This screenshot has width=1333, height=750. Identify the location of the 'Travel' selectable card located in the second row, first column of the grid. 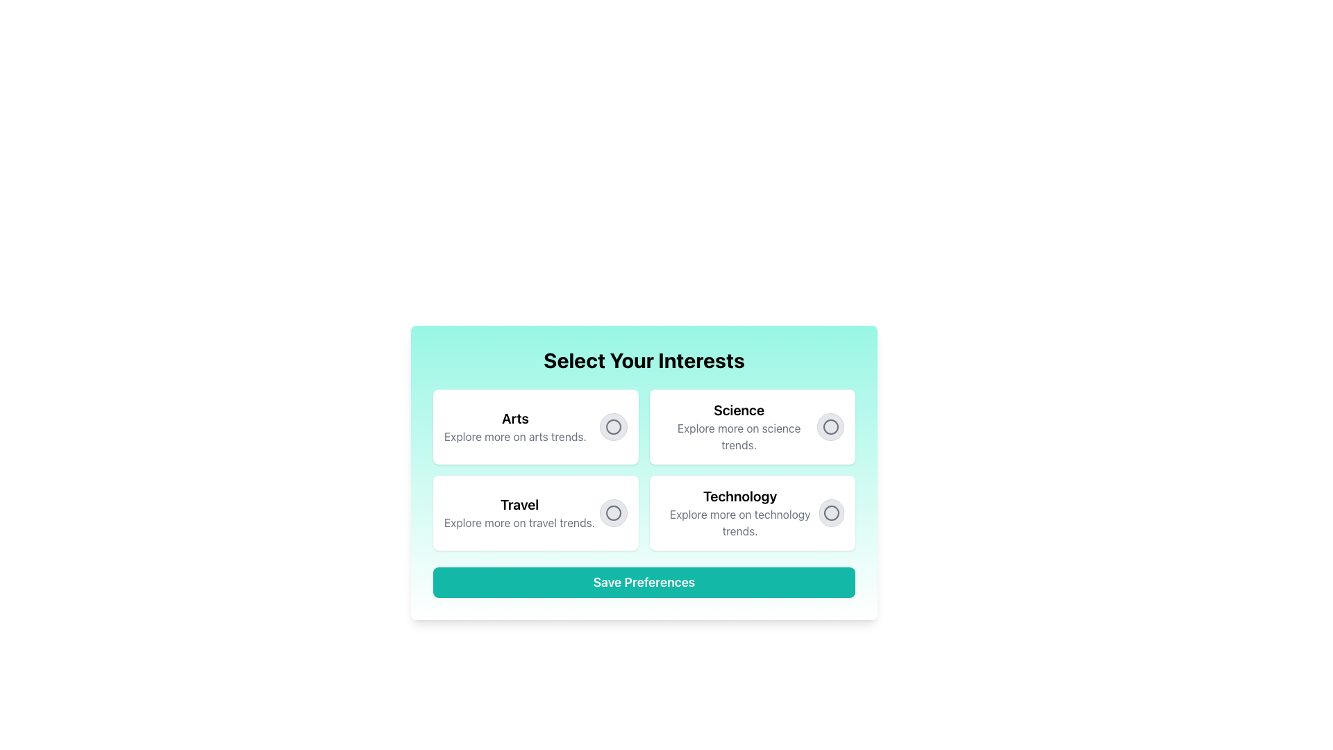
(519, 513).